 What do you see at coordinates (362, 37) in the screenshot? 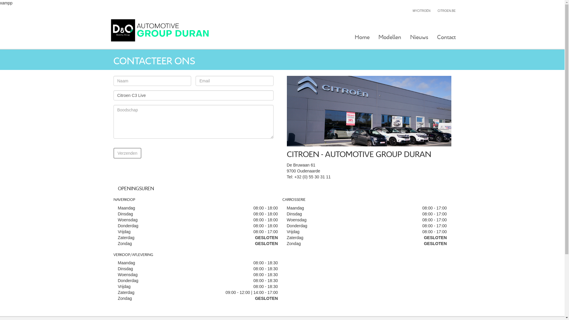
I see `'Home'` at bounding box center [362, 37].